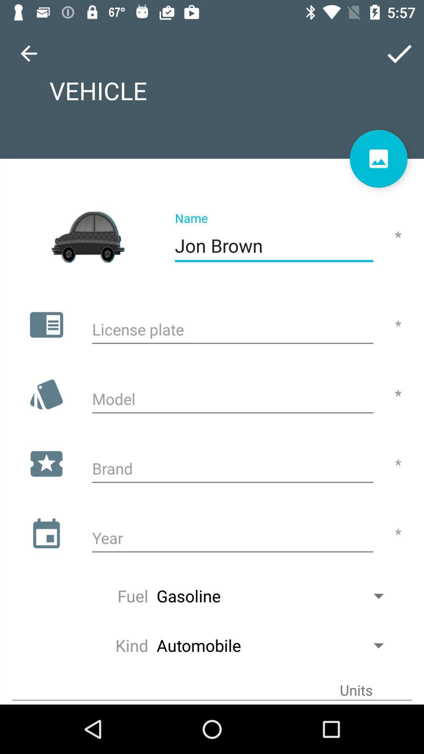 Image resolution: width=424 pixels, height=754 pixels. Describe the element at coordinates (232, 539) in the screenshot. I see `typing box` at that location.